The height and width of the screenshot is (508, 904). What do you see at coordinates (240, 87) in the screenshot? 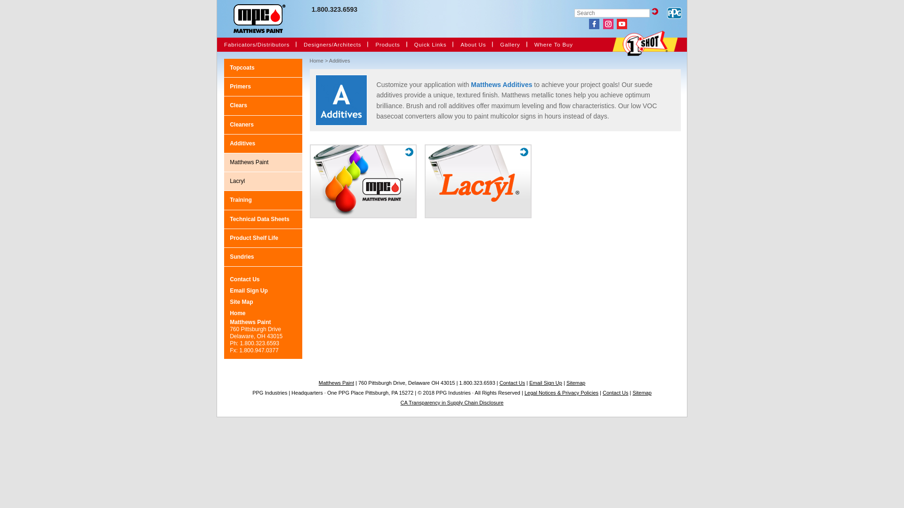
I see `'Primers'` at bounding box center [240, 87].